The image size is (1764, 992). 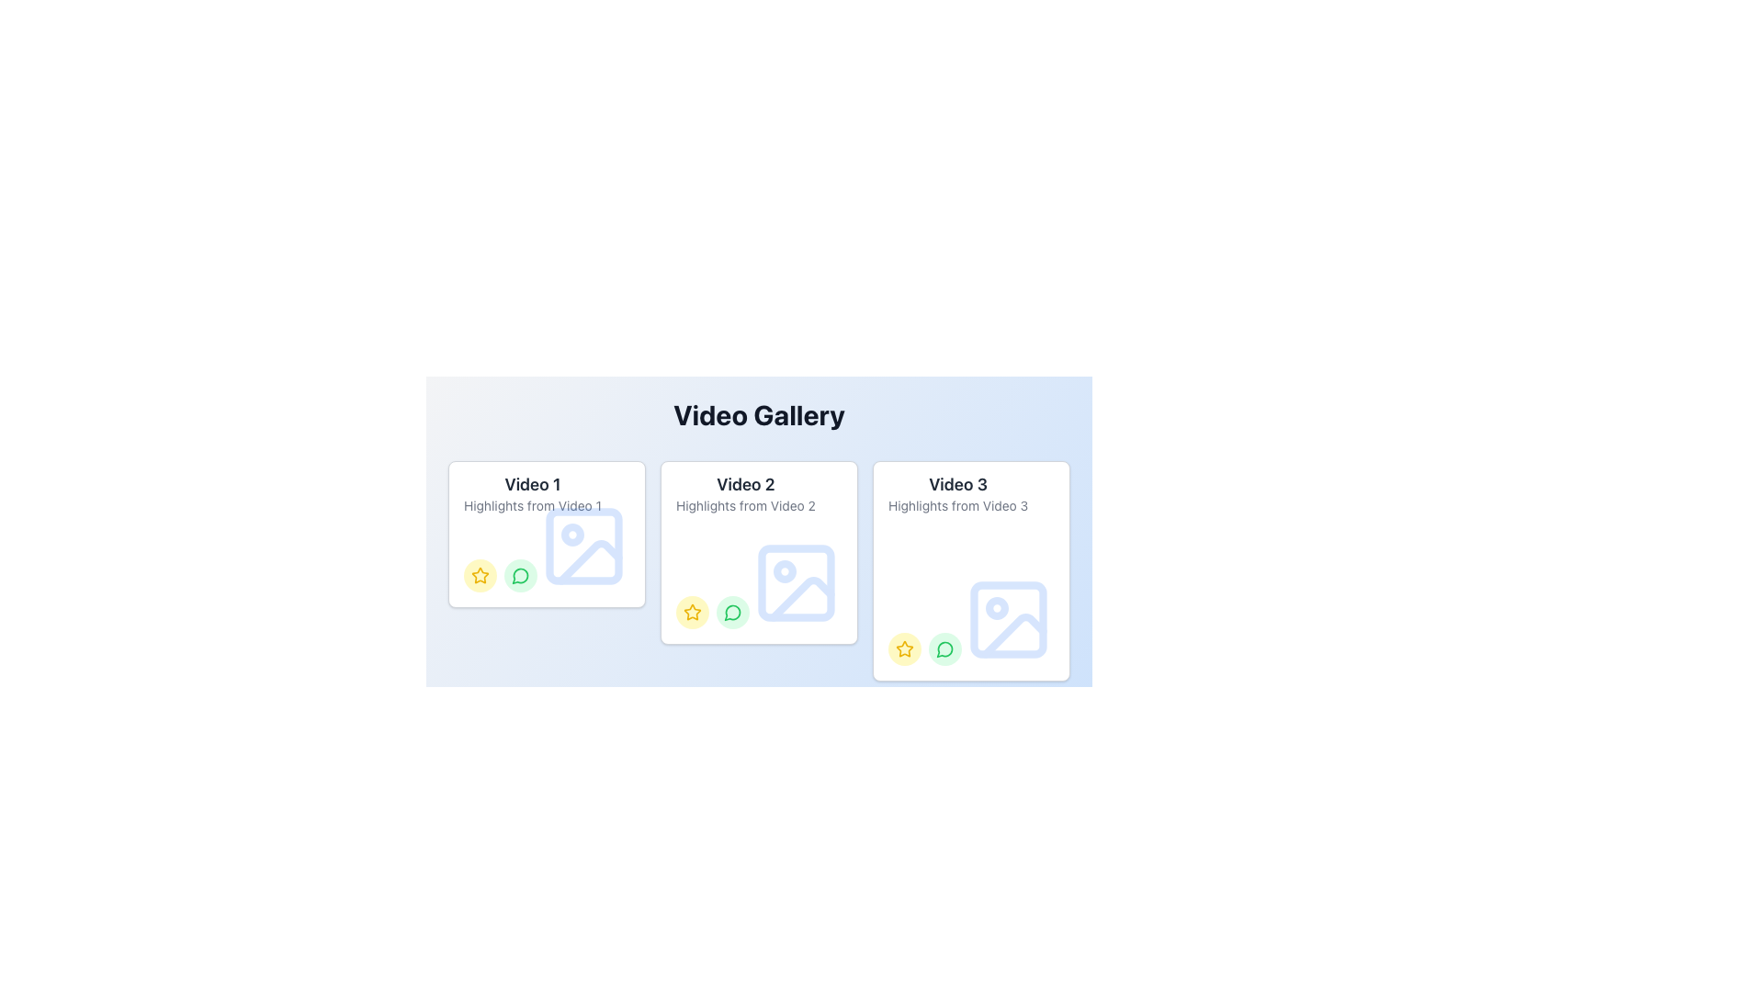 What do you see at coordinates (571, 770) in the screenshot?
I see `the small circle graphic with a radius of 2px located in the bottom-right corner of the interface within an SVG element` at bounding box center [571, 770].